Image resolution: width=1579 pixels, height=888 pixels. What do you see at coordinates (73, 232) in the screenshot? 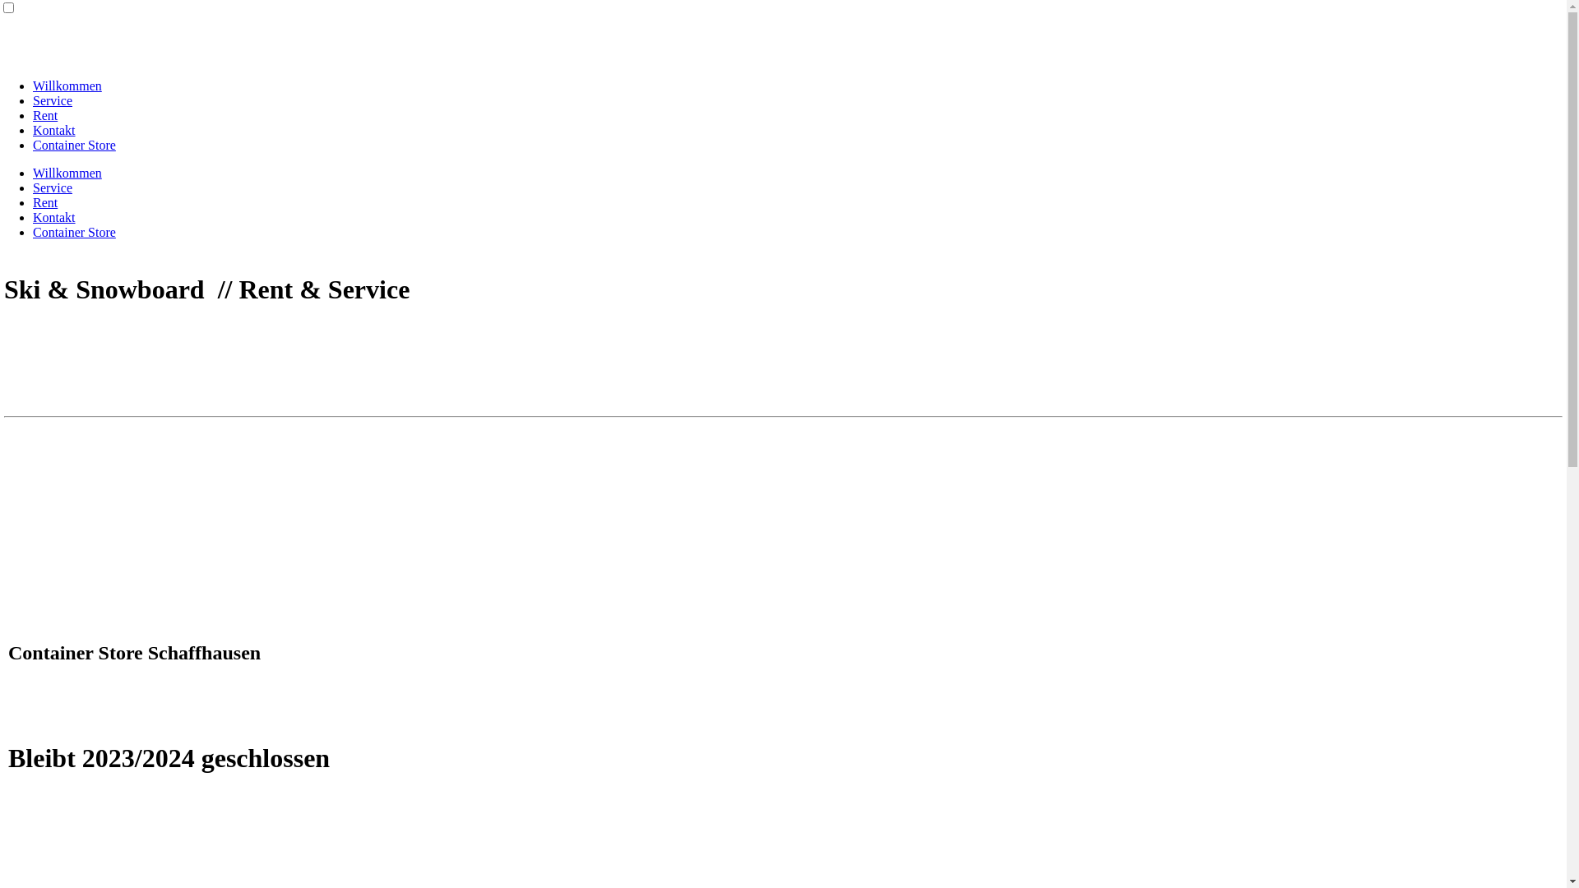
I see `'Container Store'` at bounding box center [73, 232].